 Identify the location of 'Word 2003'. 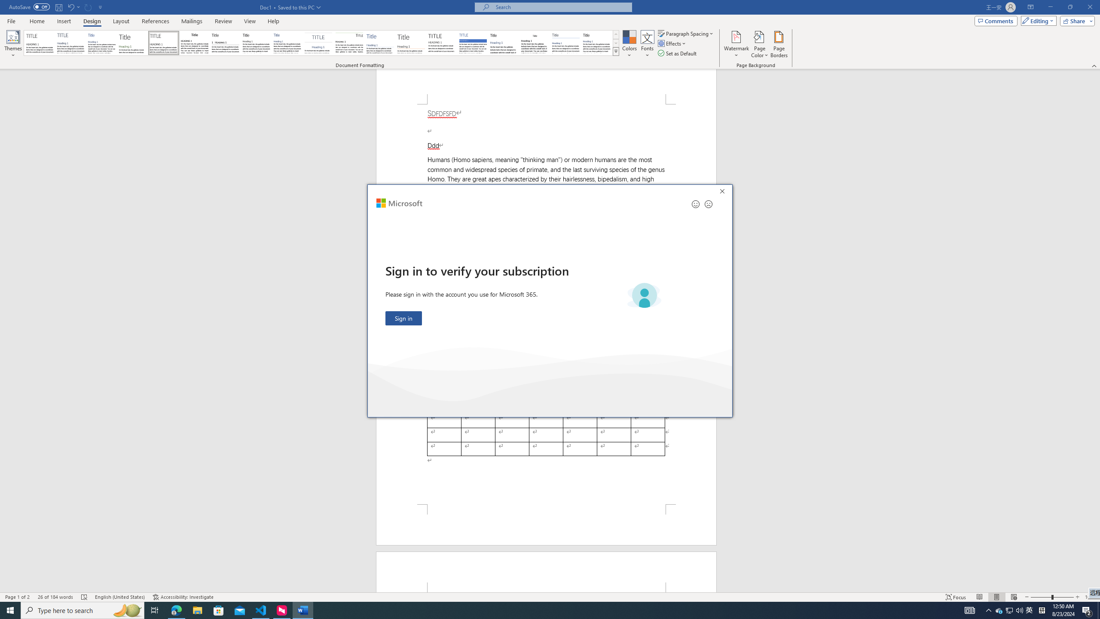
(534, 43).